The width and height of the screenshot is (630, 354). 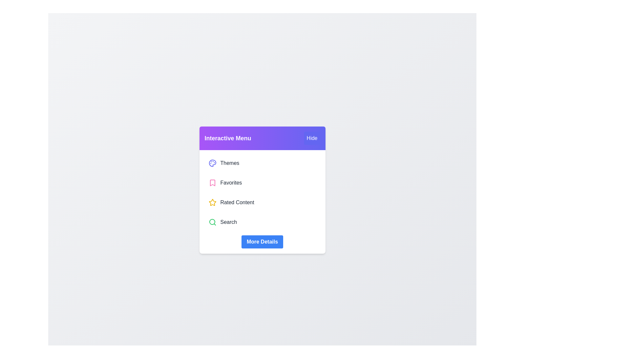 What do you see at coordinates (262, 202) in the screenshot?
I see `the menu item labeled Rated Content to observe its hover effect` at bounding box center [262, 202].